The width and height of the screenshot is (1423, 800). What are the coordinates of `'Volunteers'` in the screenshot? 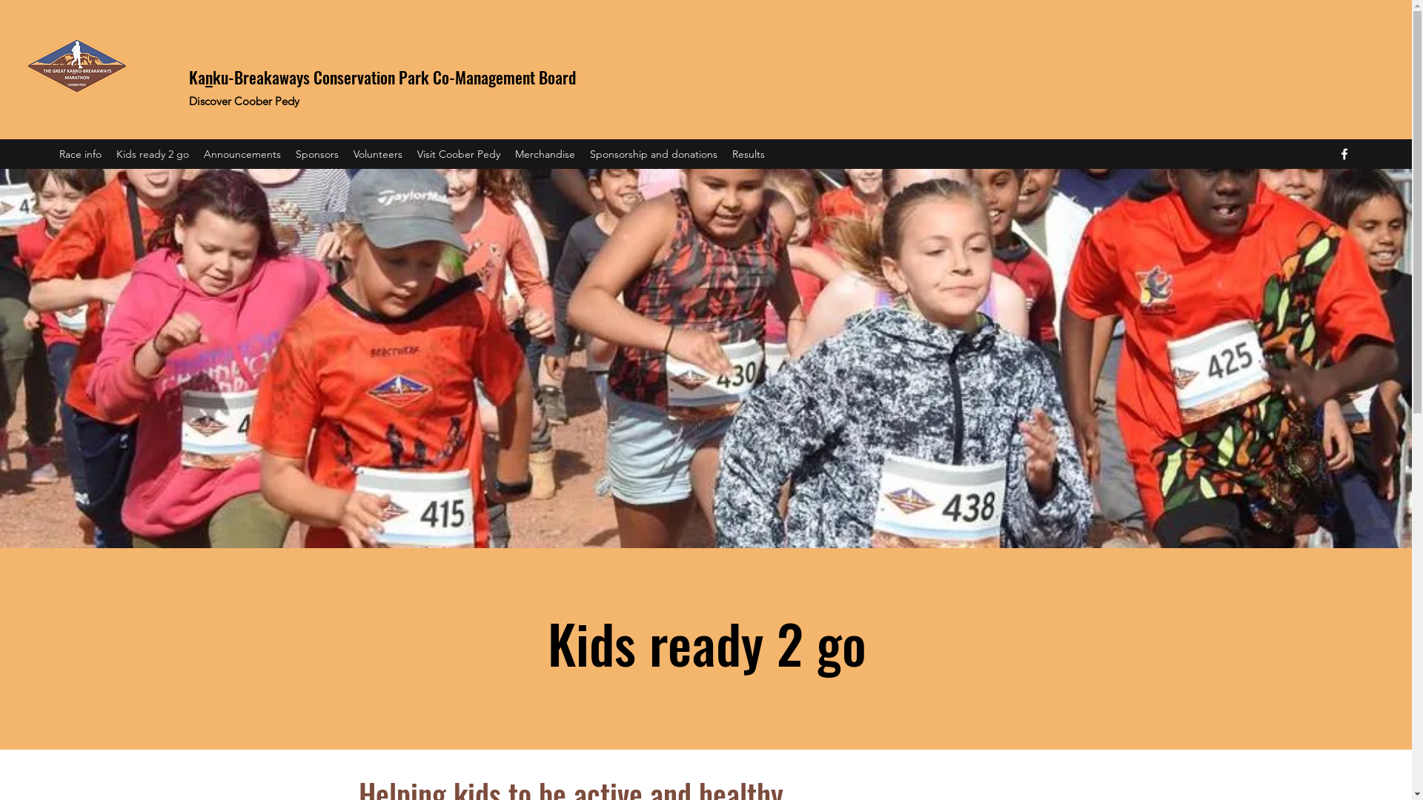 It's located at (345, 154).